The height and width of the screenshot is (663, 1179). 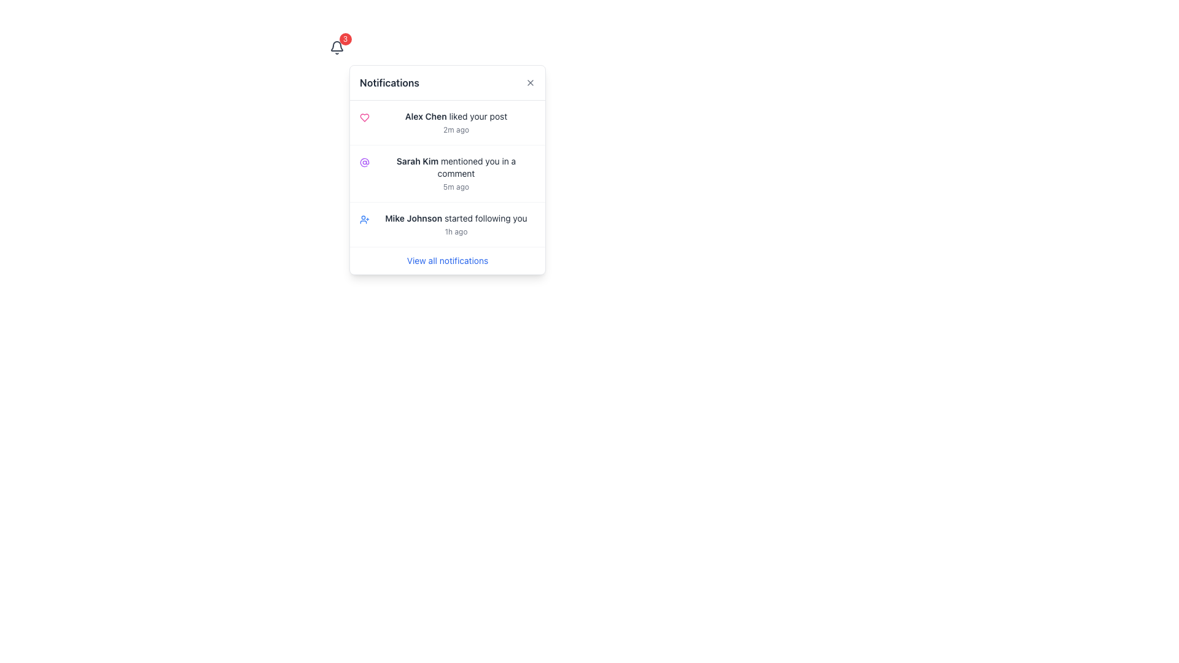 What do you see at coordinates (364, 118) in the screenshot?
I see `the 'like' icon located on the left-hand side of the first notification item that indicates 'Alex Chen liked your post.'` at bounding box center [364, 118].